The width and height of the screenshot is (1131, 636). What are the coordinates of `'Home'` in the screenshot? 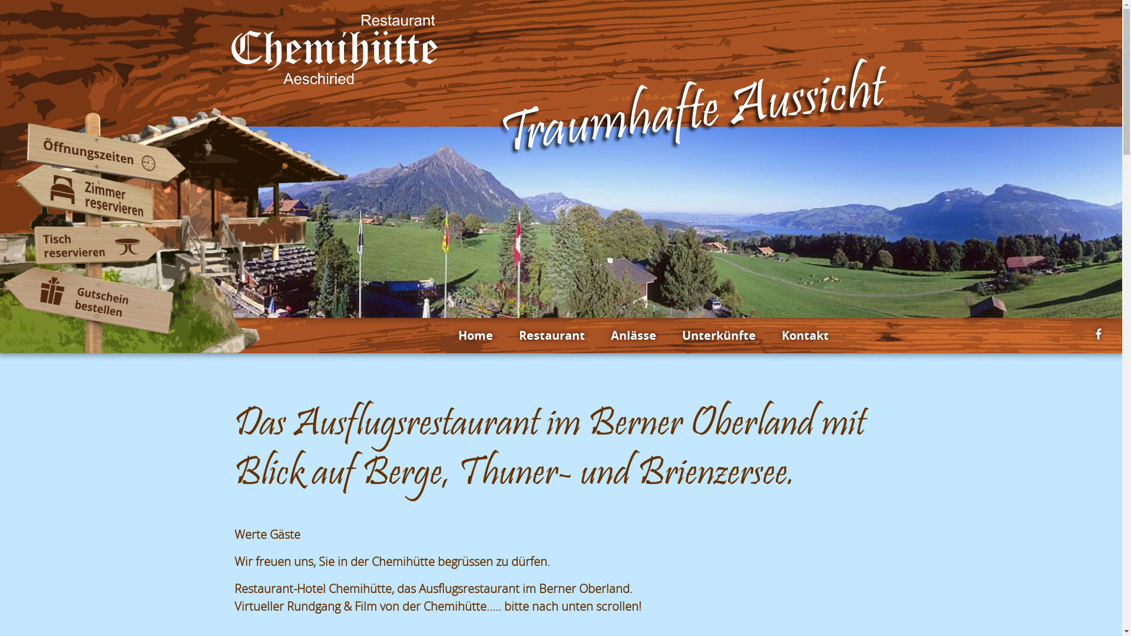 It's located at (457, 336).